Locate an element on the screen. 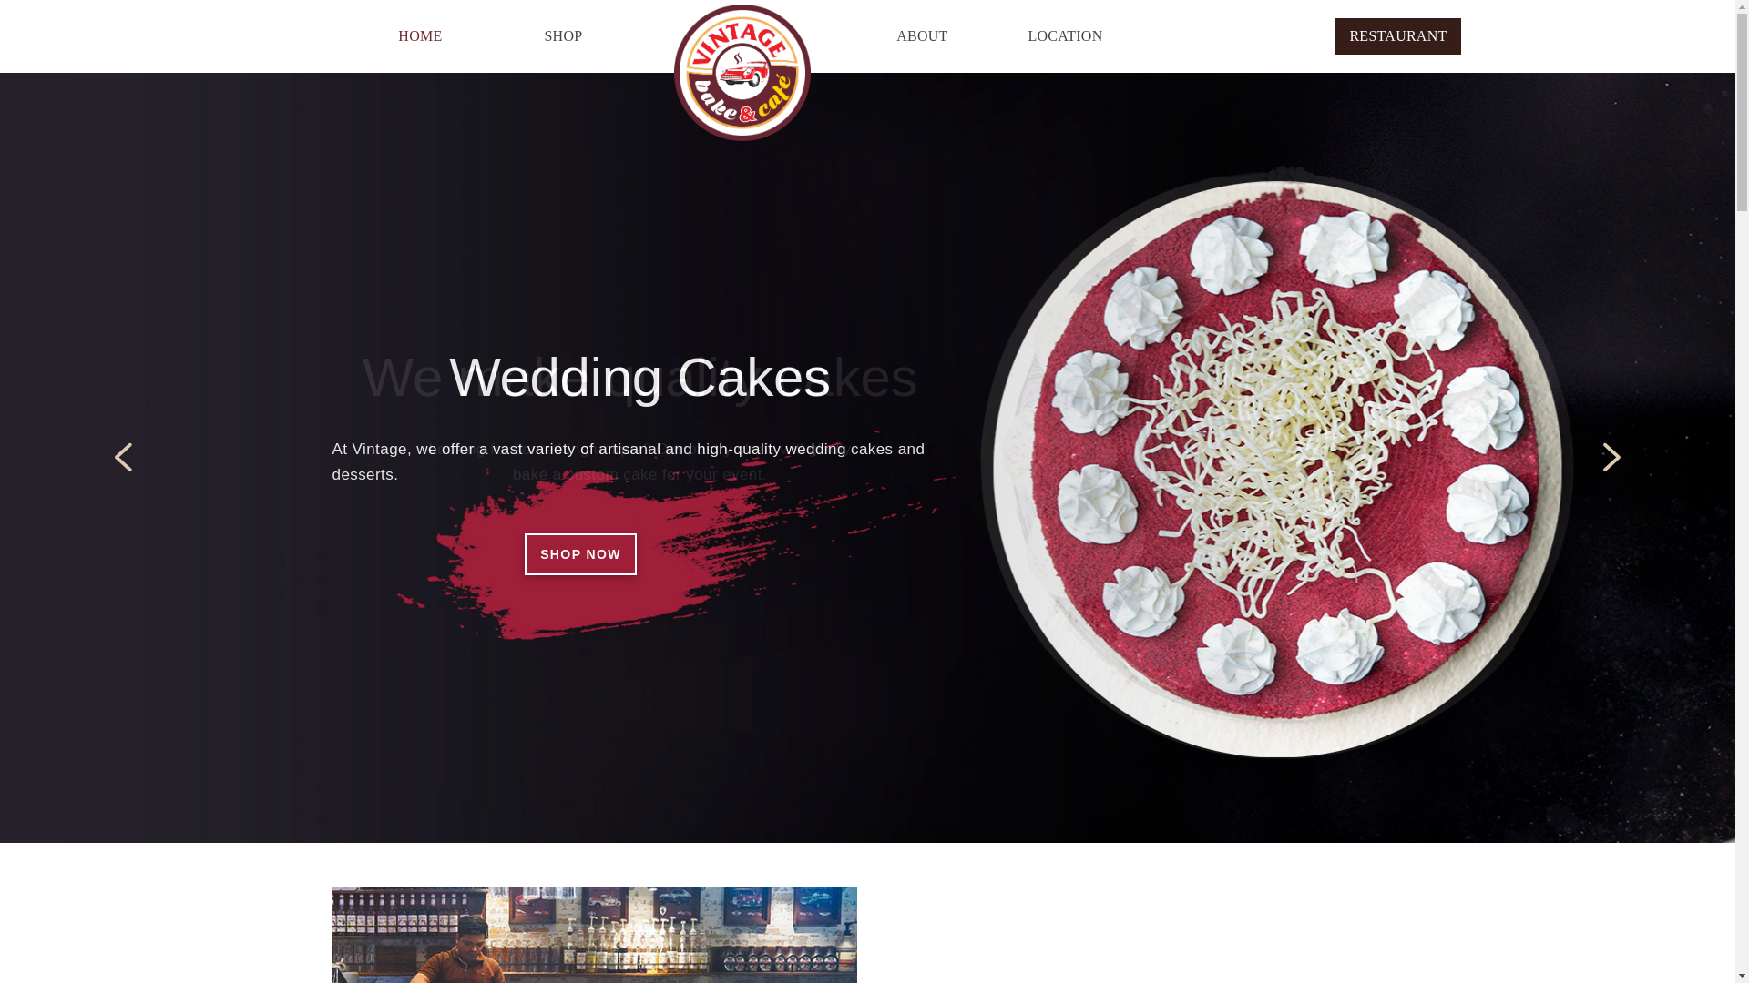 This screenshot has height=983, width=1749. 'SHOP NOW' is located at coordinates (579, 553).